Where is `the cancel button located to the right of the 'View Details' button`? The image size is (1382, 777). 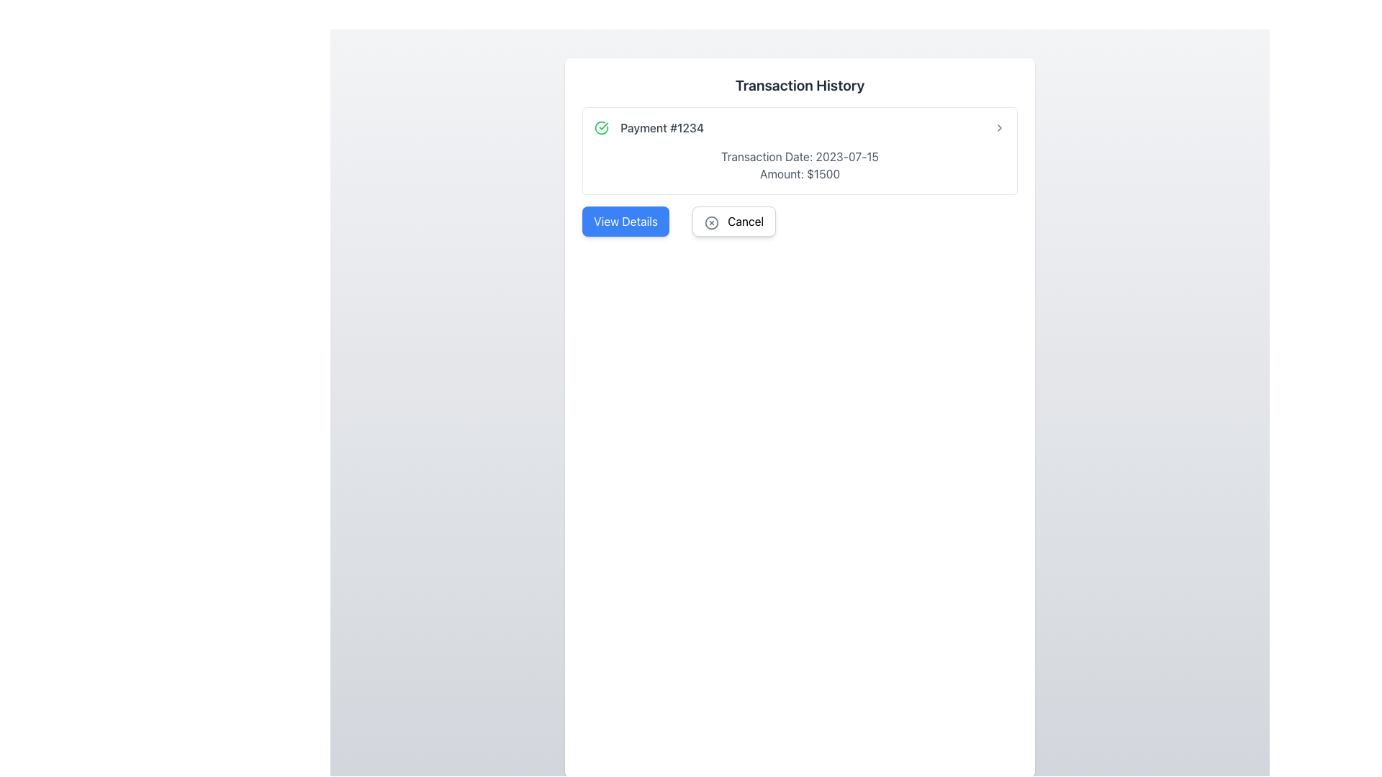 the cancel button located to the right of the 'View Details' button is located at coordinates (733, 222).